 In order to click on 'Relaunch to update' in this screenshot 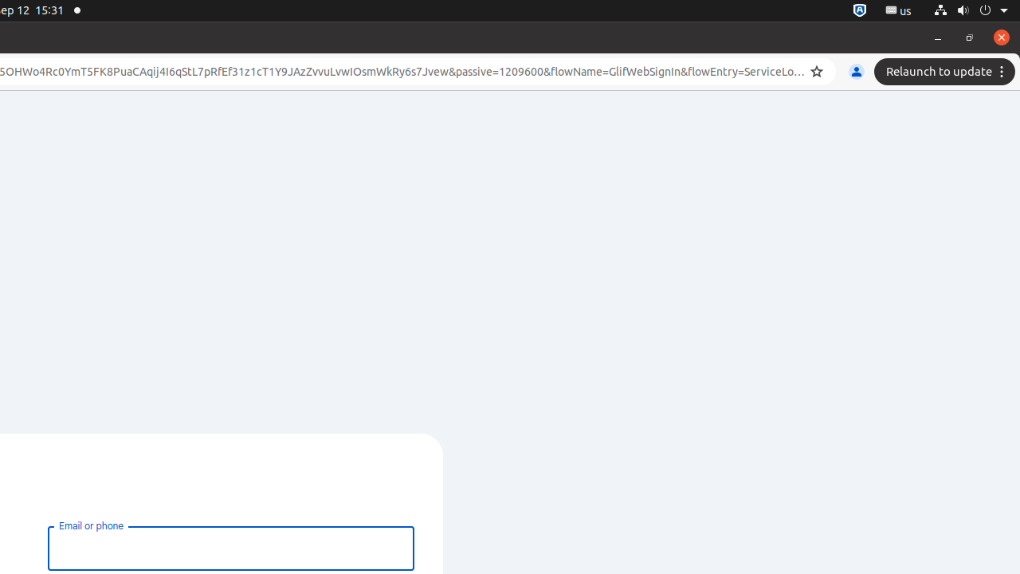, I will do `click(947, 72)`.